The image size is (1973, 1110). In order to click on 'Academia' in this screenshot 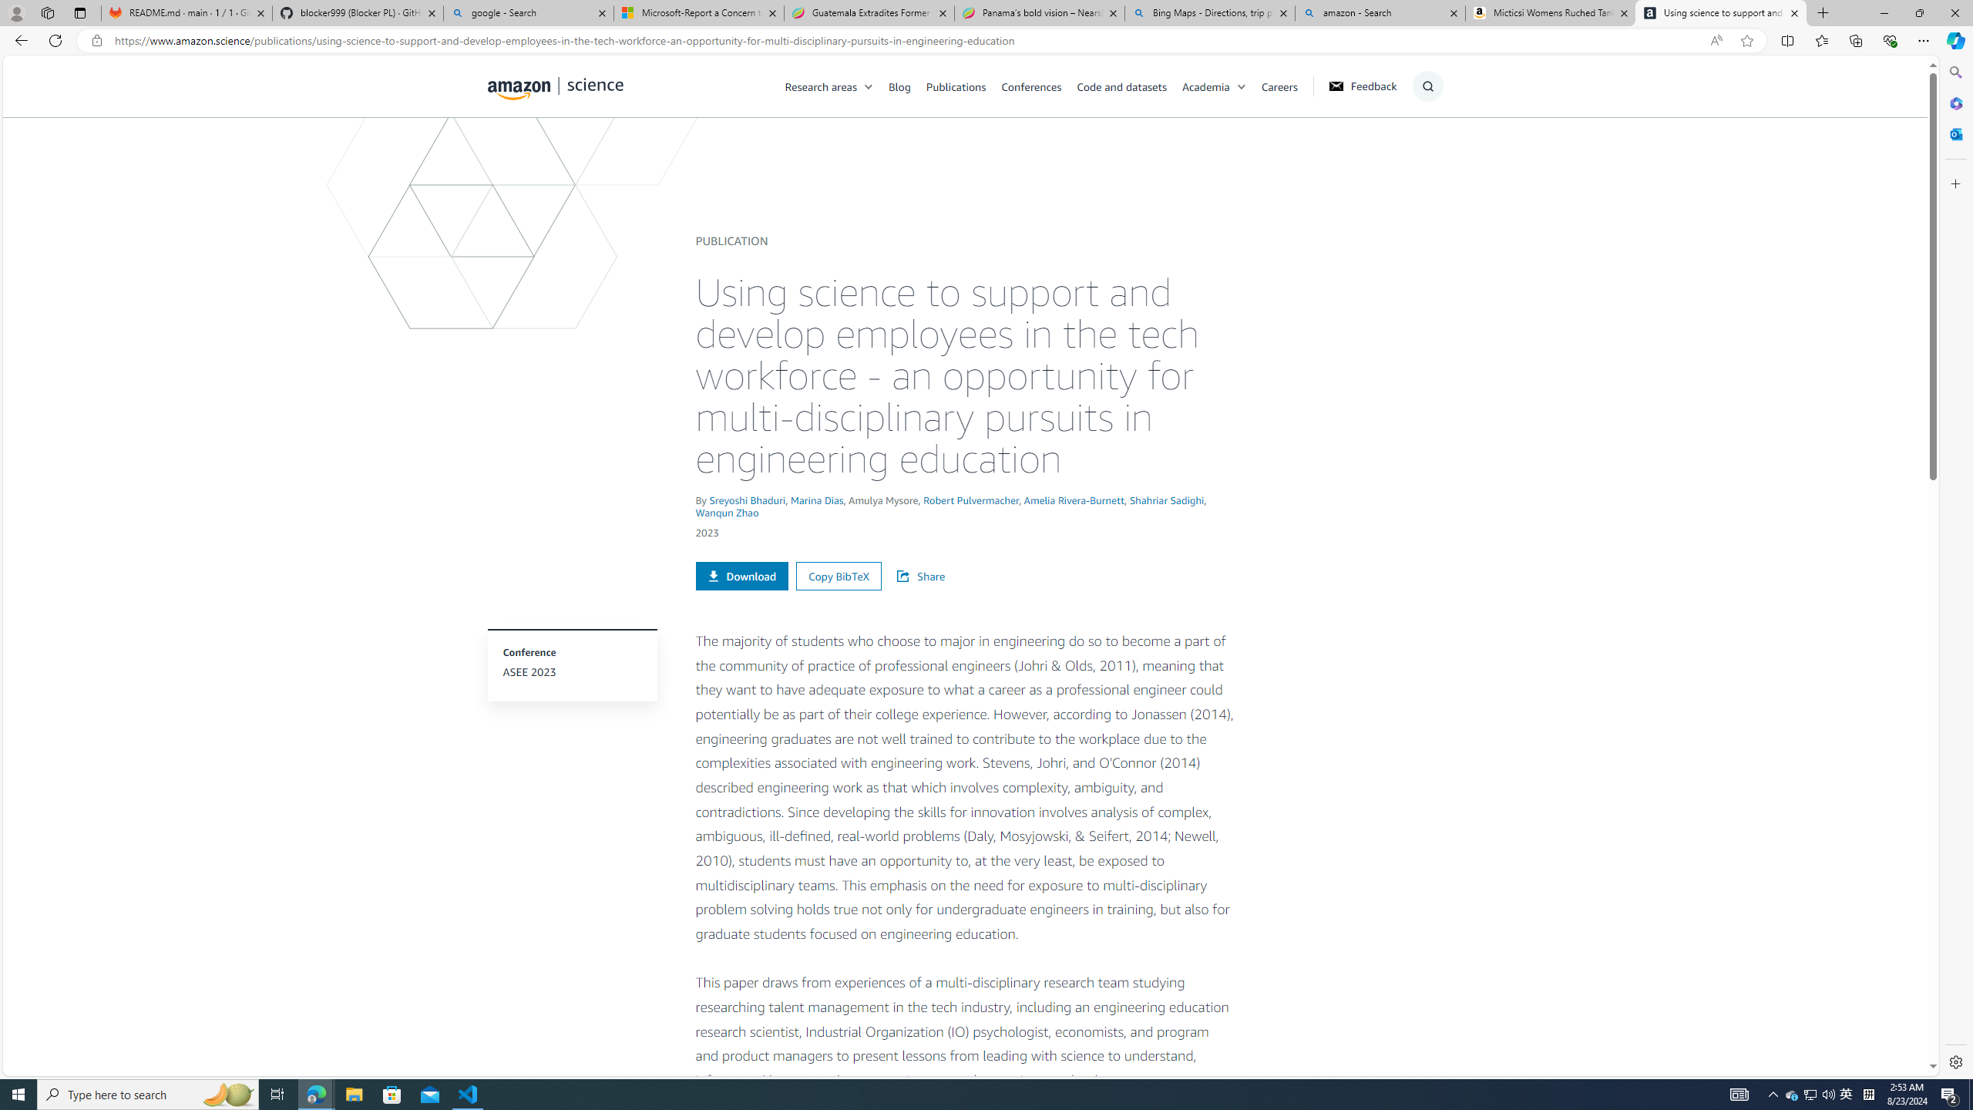, I will do `click(1220, 86)`.